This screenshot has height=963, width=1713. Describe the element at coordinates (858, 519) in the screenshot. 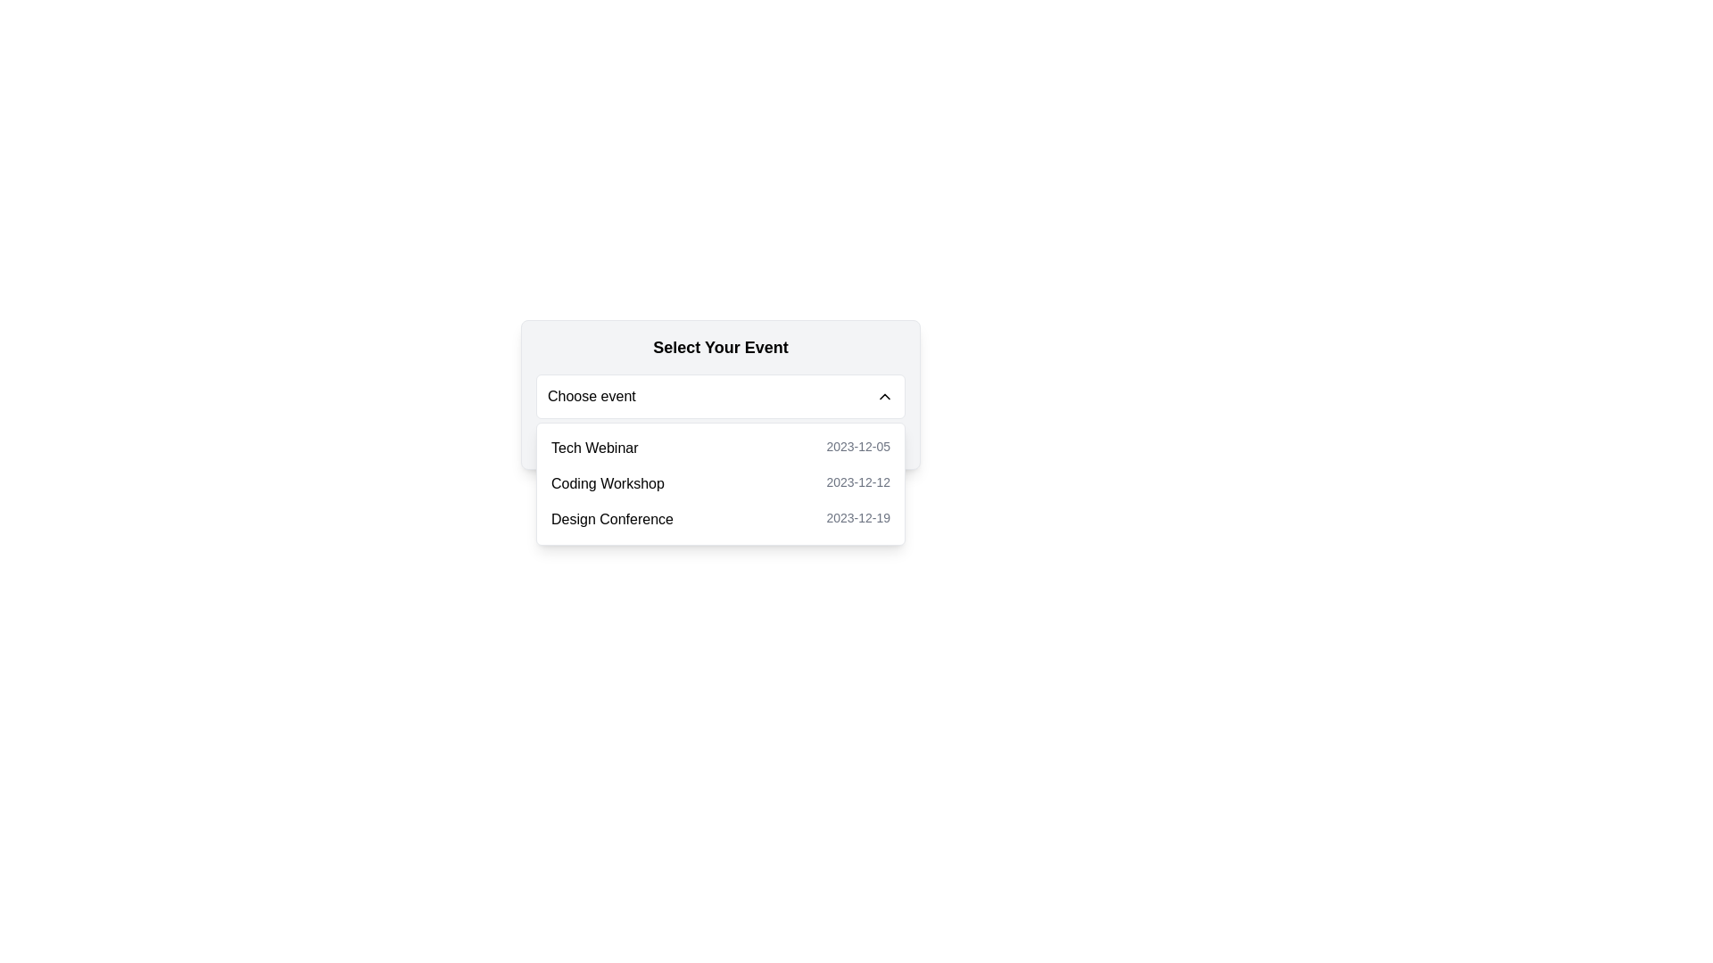

I see `the text element displaying the date '2023-12-19' in gray font that is located in the dropdown list under 'Select Your Event', specifically in the third row representing the 'Design Conference' event` at that location.